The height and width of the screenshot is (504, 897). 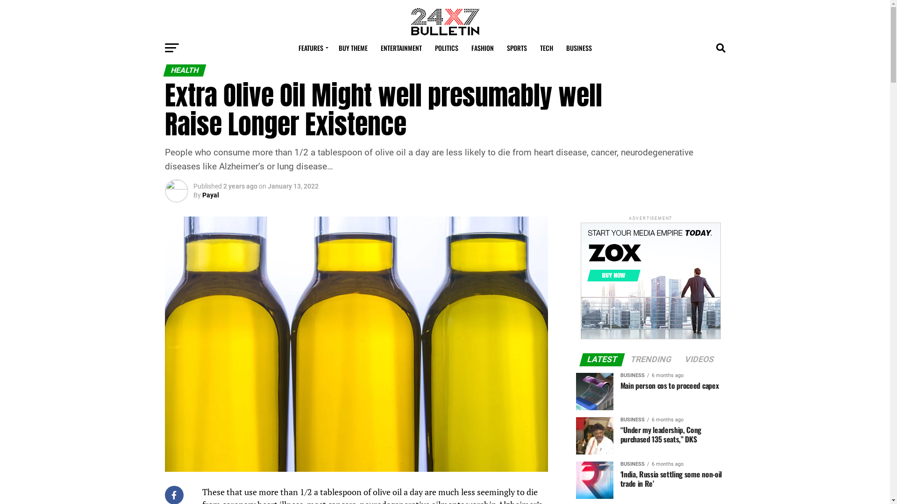 What do you see at coordinates (625, 359) in the screenshot?
I see `'TRENDING'` at bounding box center [625, 359].